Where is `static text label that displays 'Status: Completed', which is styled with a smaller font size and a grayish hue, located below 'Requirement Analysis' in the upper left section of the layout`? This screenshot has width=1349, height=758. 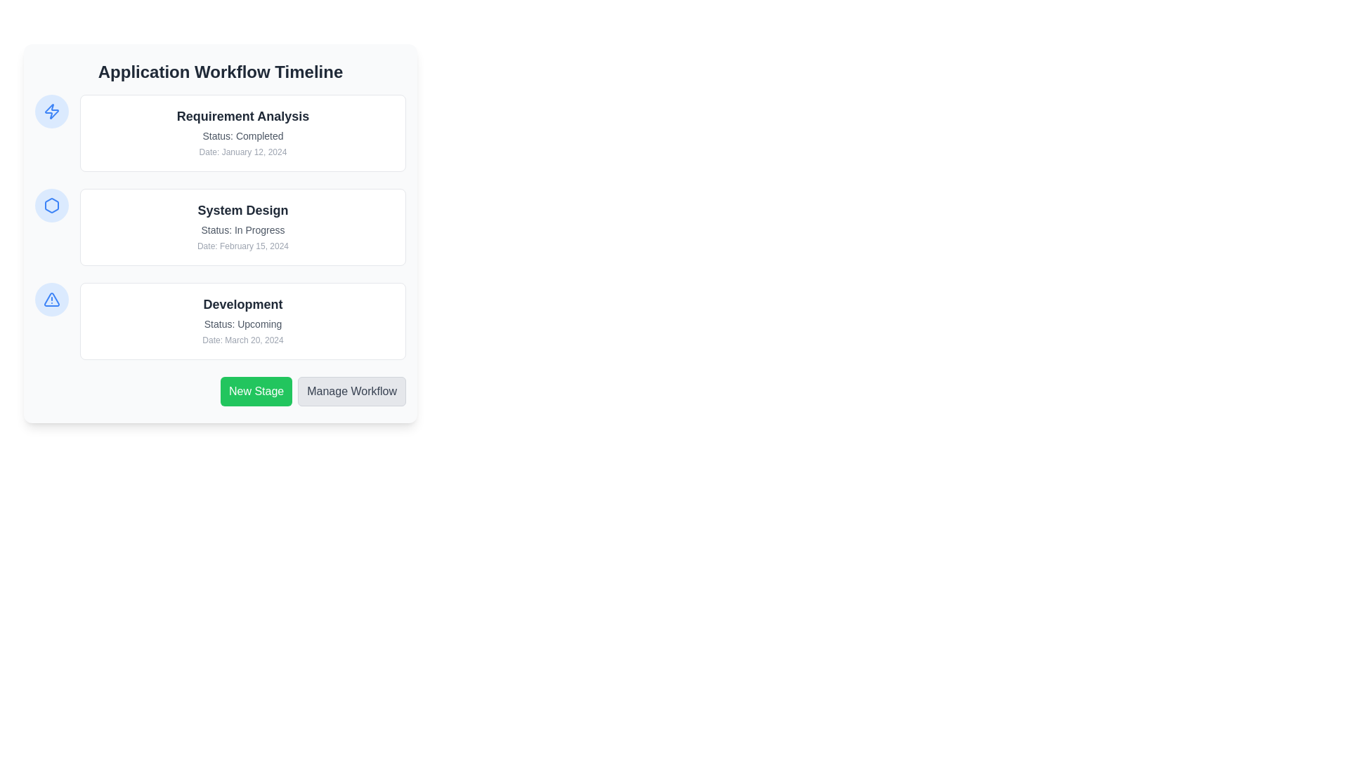
static text label that displays 'Status: Completed', which is styled with a smaller font size and a grayish hue, located below 'Requirement Analysis' in the upper left section of the layout is located at coordinates (242, 135).